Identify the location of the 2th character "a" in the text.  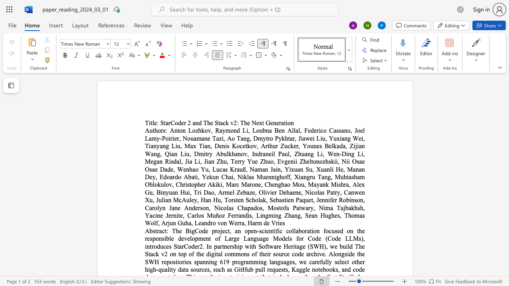
(194, 123).